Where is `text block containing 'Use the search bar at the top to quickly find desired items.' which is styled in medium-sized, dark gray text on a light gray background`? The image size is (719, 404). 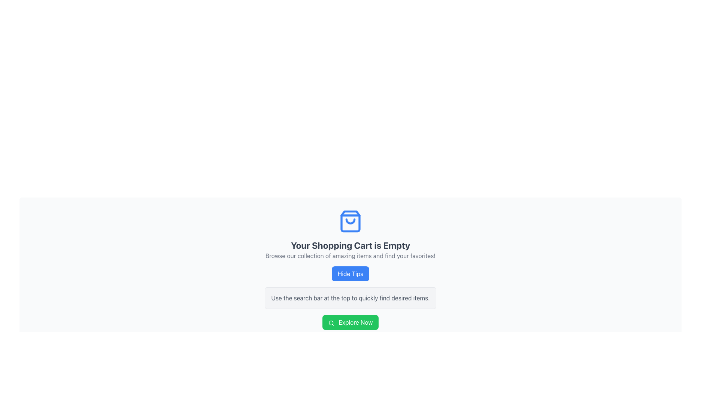 text block containing 'Use the search bar at the top to quickly find desired items.' which is styled in medium-sized, dark gray text on a light gray background is located at coordinates (350, 298).